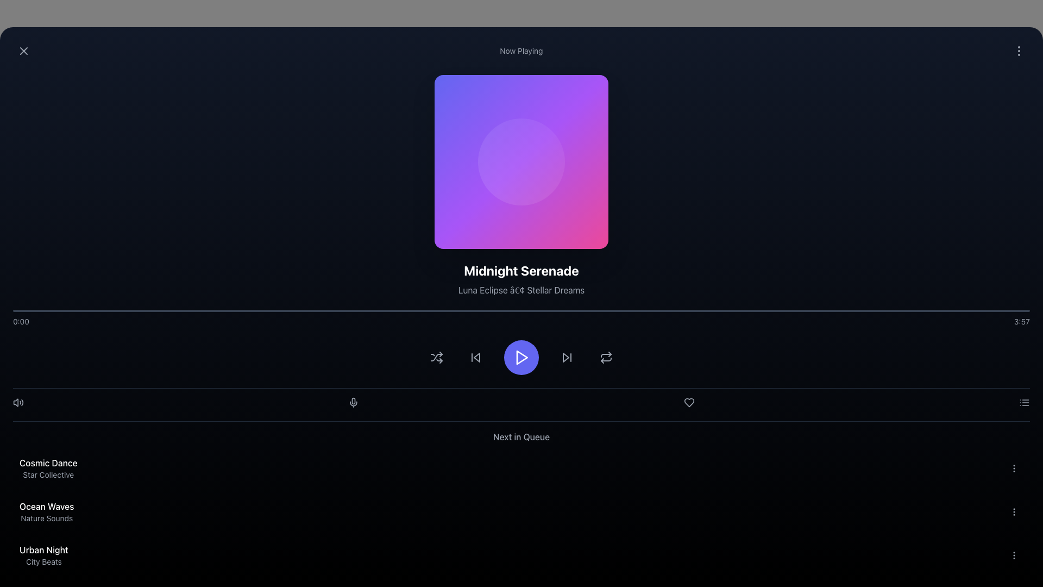 This screenshot has height=587, width=1043. Describe the element at coordinates (1014, 555) in the screenshot. I see `the button with three vertically aligned gray dots located next to the 'Urban Night City Beats' text` at that location.